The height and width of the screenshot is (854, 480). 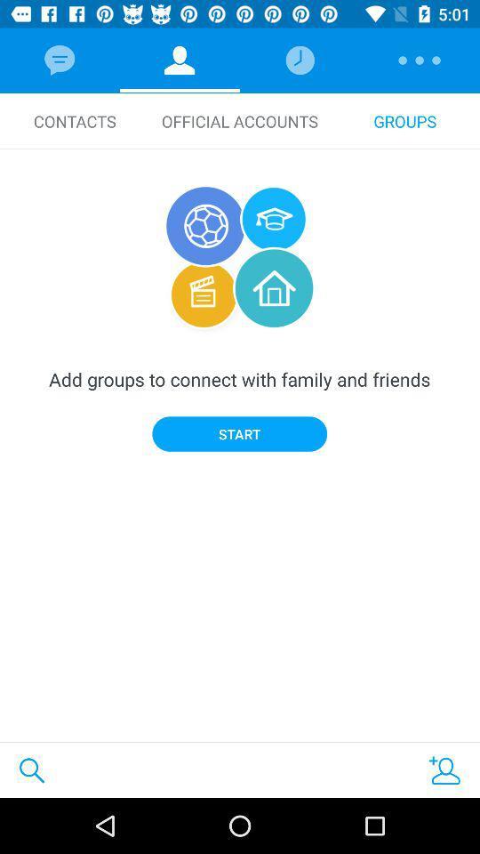 What do you see at coordinates (74, 120) in the screenshot?
I see `icon to the left of official accounts` at bounding box center [74, 120].